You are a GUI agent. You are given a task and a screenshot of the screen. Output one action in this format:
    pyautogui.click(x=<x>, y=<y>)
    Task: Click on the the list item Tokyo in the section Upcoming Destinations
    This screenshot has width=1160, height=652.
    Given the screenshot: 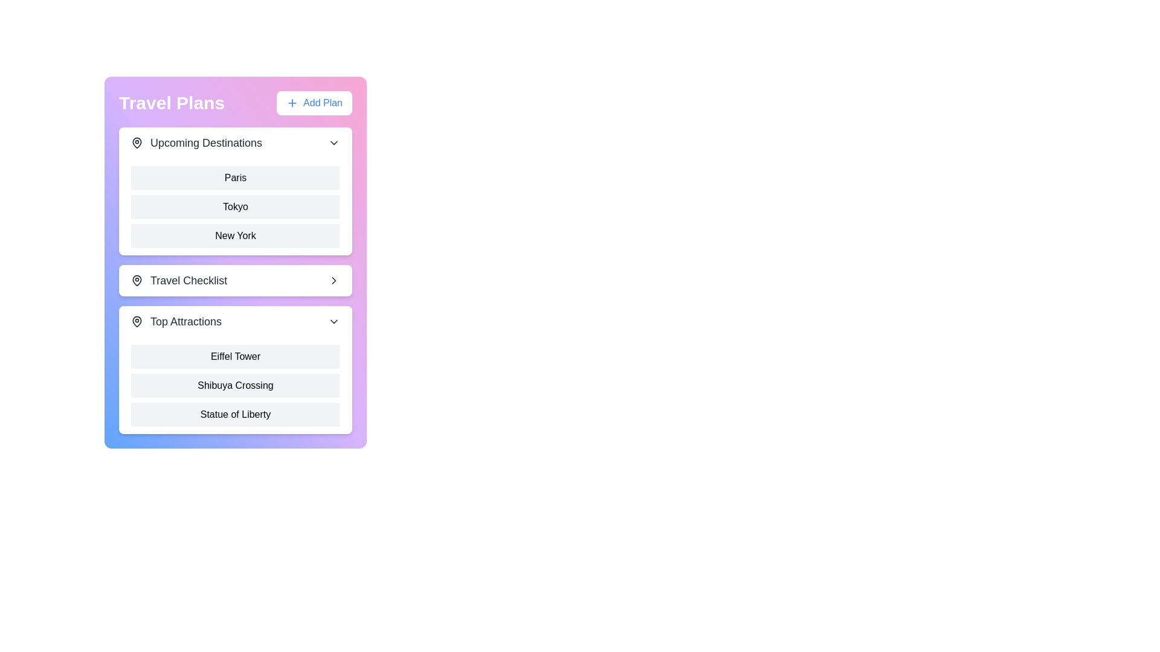 What is the action you would take?
    pyautogui.click(x=235, y=206)
    